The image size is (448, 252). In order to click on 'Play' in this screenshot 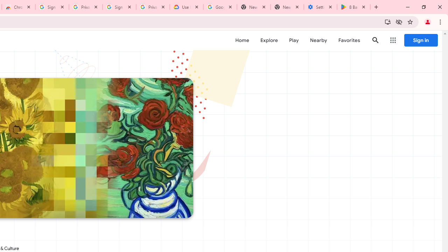, I will do `click(294, 40)`.